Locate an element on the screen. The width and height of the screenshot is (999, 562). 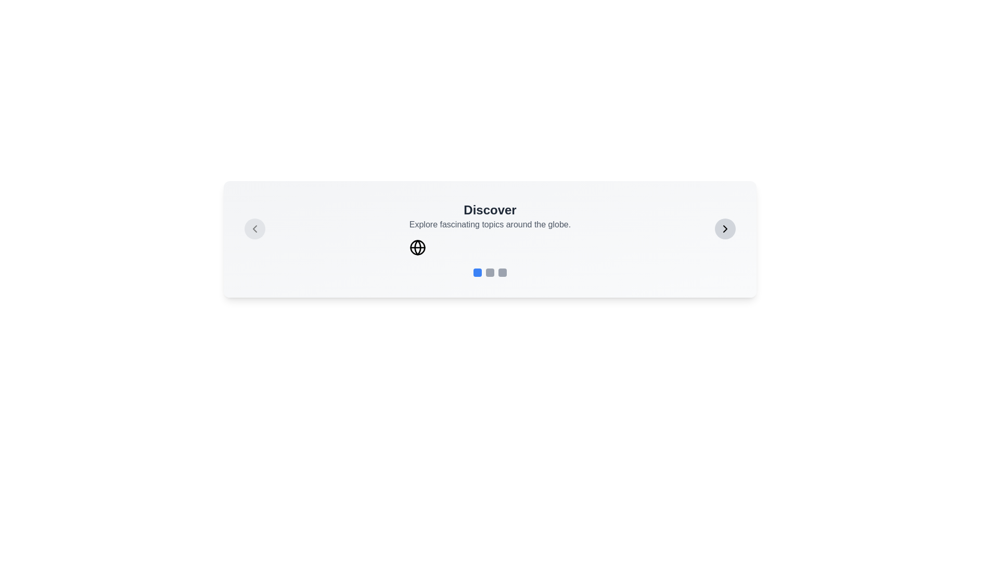
the circular button with a right-pointing arrow icon is located at coordinates (724, 228).